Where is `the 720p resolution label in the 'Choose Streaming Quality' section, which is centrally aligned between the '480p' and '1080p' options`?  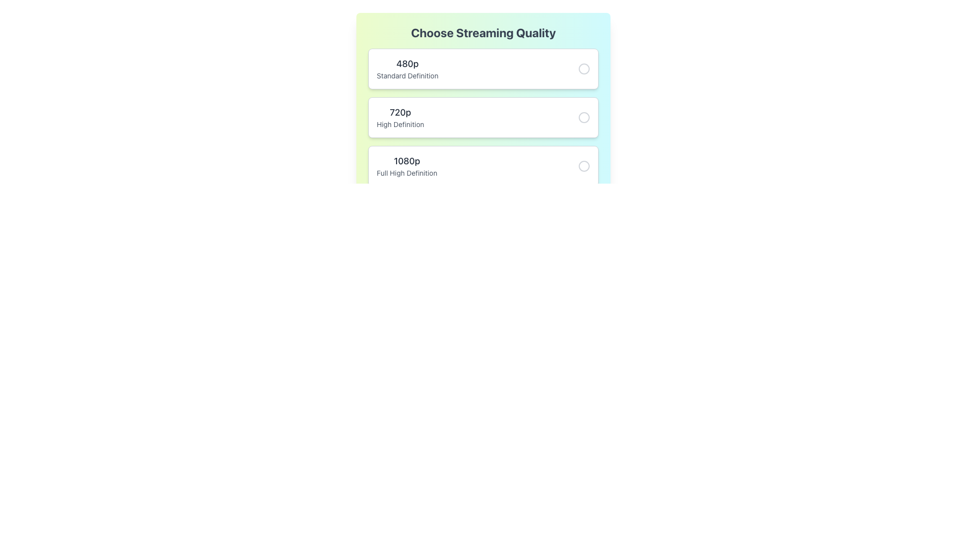
the 720p resolution label in the 'Choose Streaming Quality' section, which is centrally aligned between the '480p' and '1080p' options is located at coordinates (400, 112).